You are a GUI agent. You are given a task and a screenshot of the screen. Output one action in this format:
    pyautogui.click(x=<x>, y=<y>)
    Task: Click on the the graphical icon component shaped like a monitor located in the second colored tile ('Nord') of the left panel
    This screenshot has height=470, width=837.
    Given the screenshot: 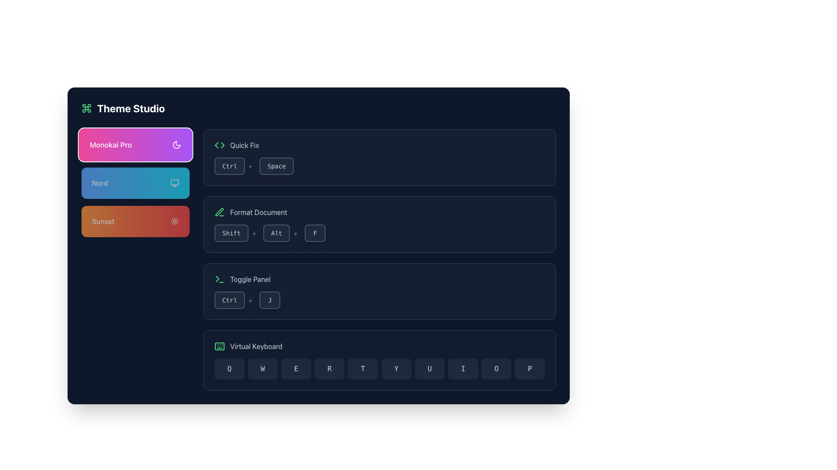 What is the action you would take?
    pyautogui.click(x=174, y=182)
    